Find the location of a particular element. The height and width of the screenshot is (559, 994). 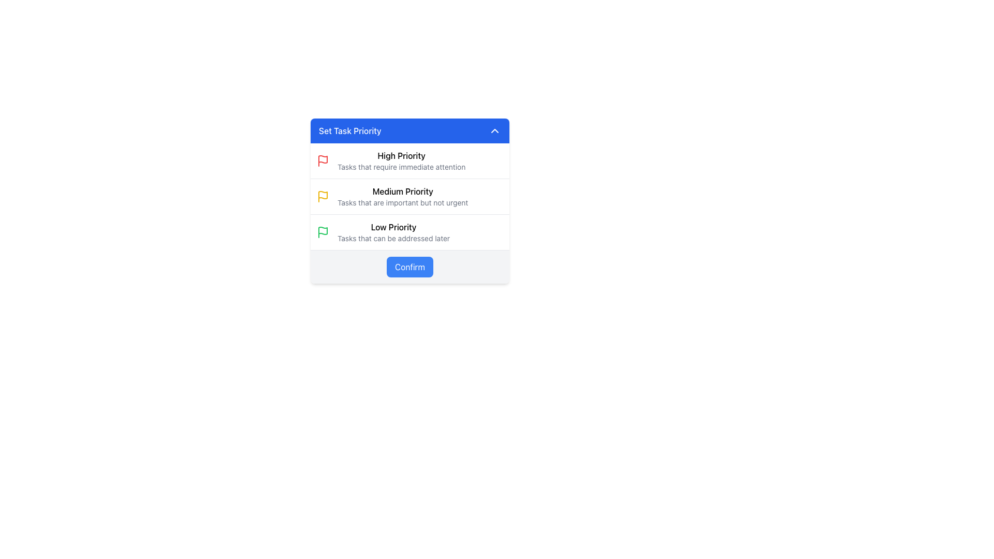

the title label for the highest priority tasks, which is located near the top of the priority selection dialog, directly below the red flag icon is located at coordinates (401, 155).